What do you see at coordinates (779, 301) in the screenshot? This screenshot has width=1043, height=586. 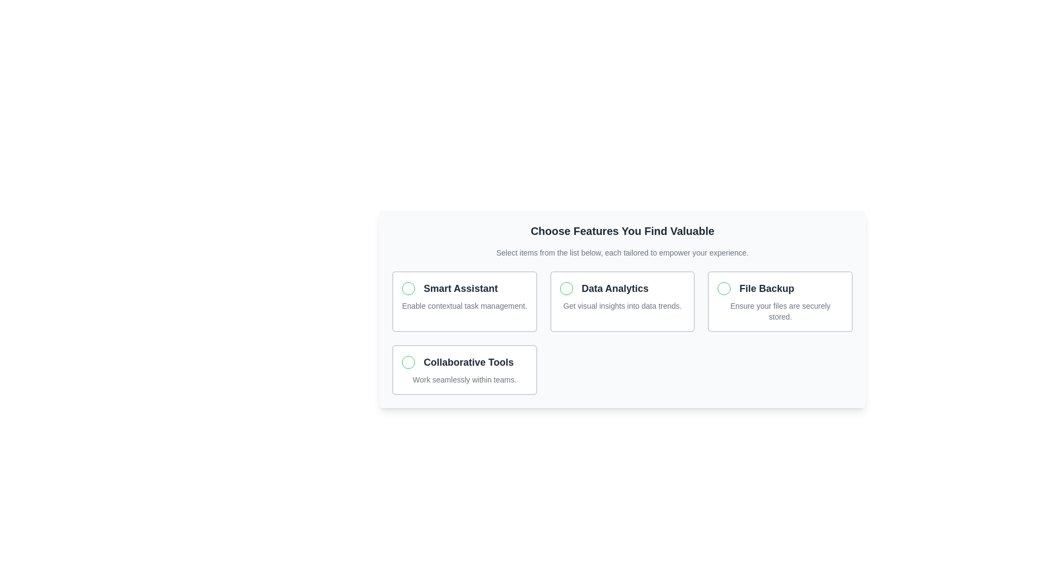 I see `the feature File Backup` at bounding box center [779, 301].